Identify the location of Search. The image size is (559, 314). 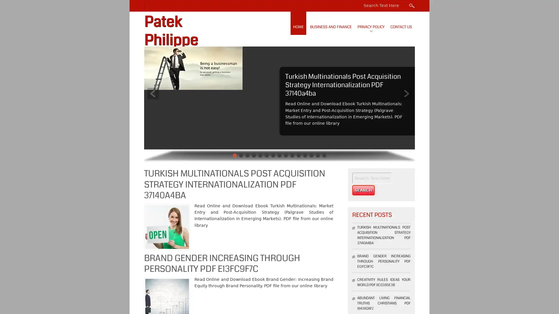
(363, 190).